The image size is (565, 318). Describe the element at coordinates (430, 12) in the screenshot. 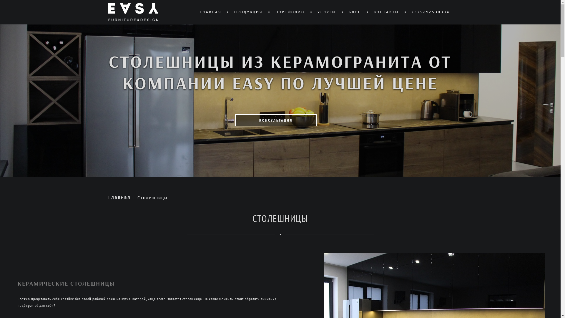

I see `'+375292530334'` at that location.